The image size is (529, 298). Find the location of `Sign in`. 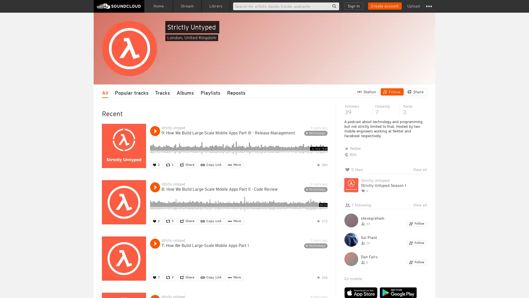

Sign in is located at coordinates (354, 6).